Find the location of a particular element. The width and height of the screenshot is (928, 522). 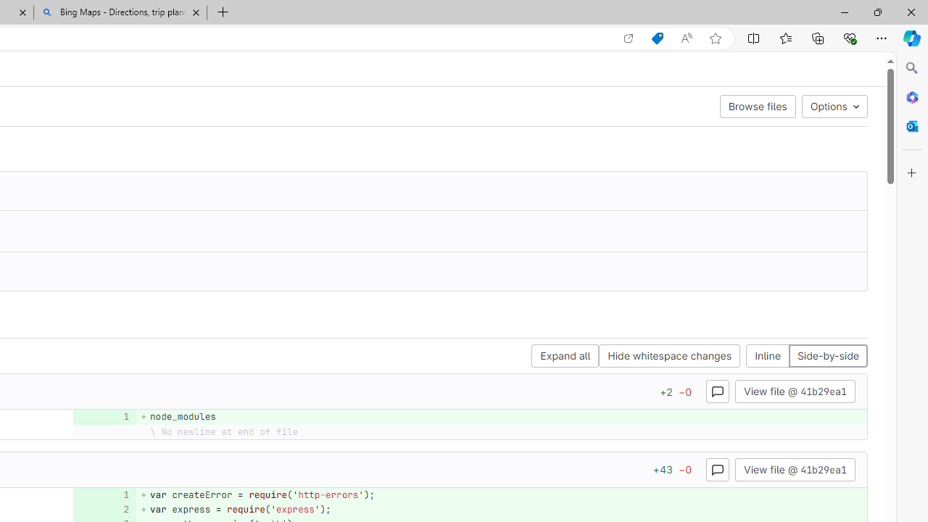

'2' is located at coordinates (102, 508).